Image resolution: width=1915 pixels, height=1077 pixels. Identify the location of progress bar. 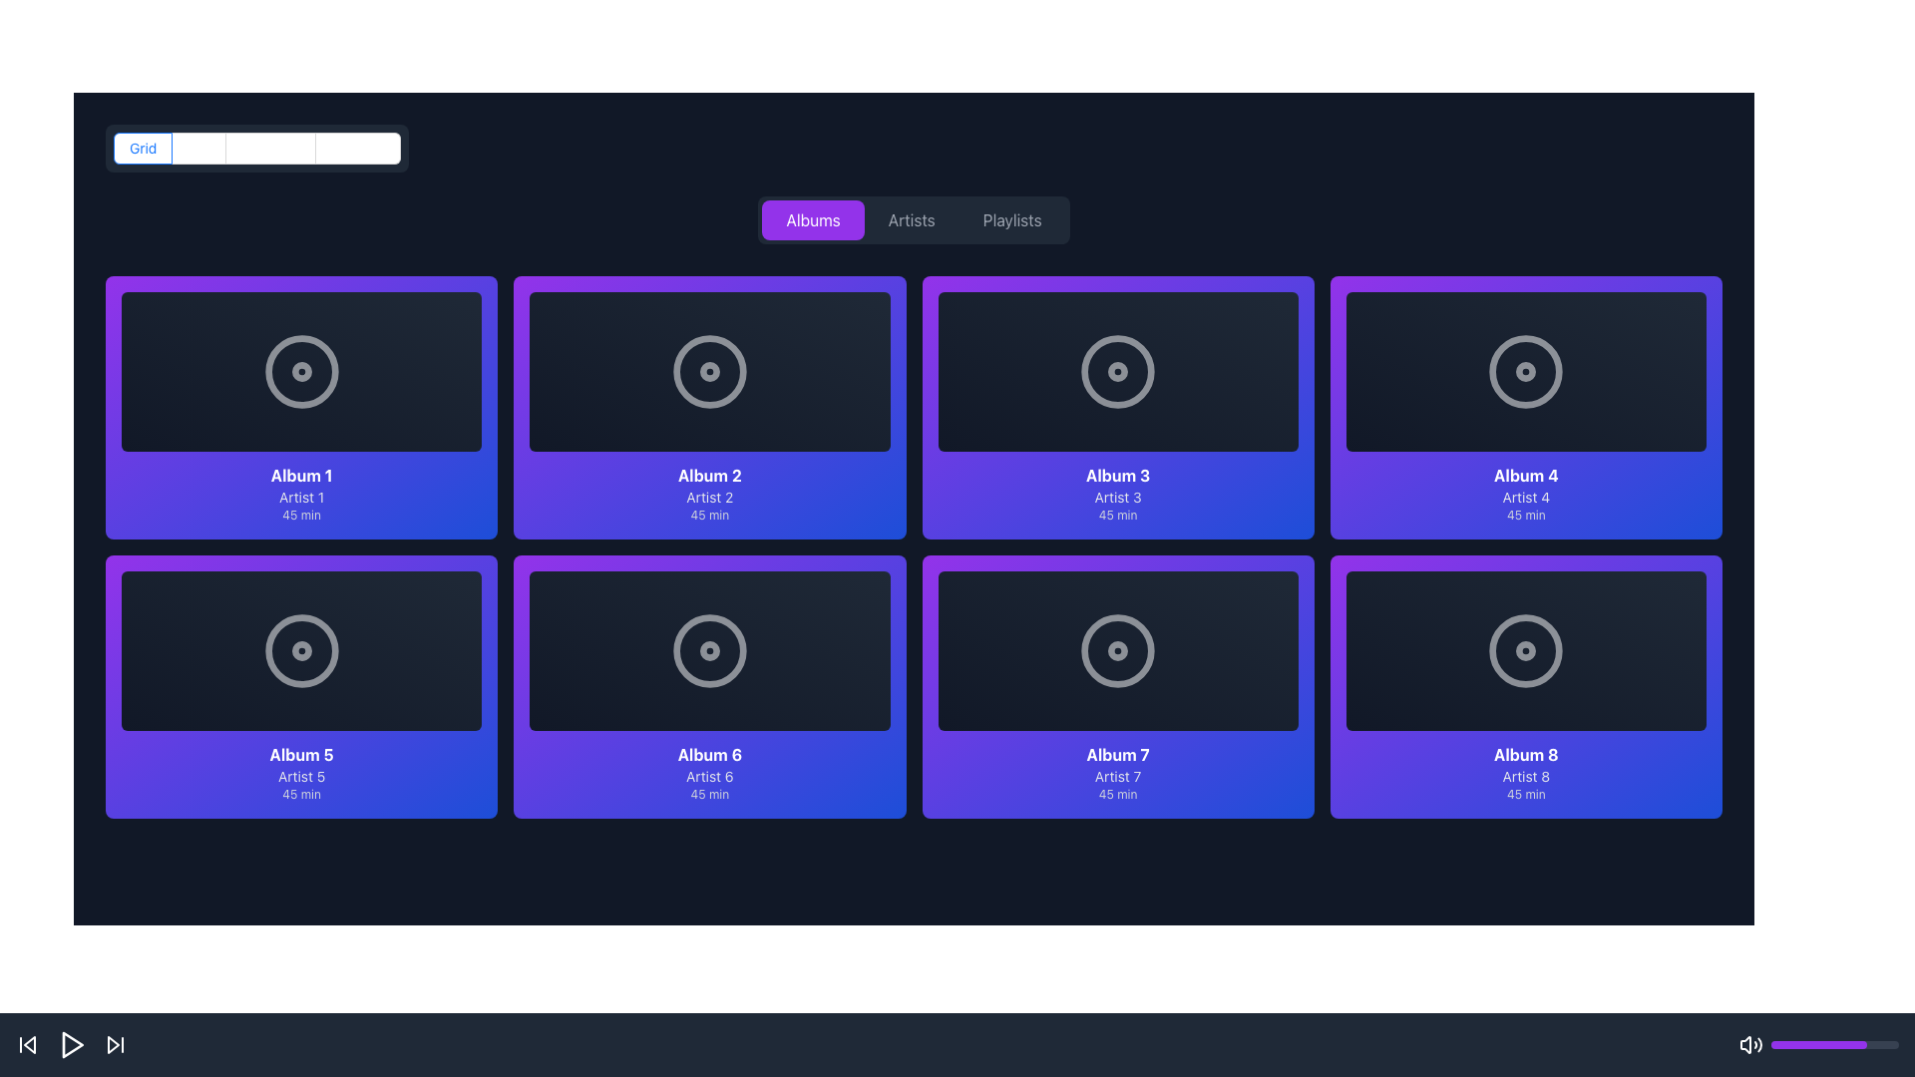
(1851, 1044).